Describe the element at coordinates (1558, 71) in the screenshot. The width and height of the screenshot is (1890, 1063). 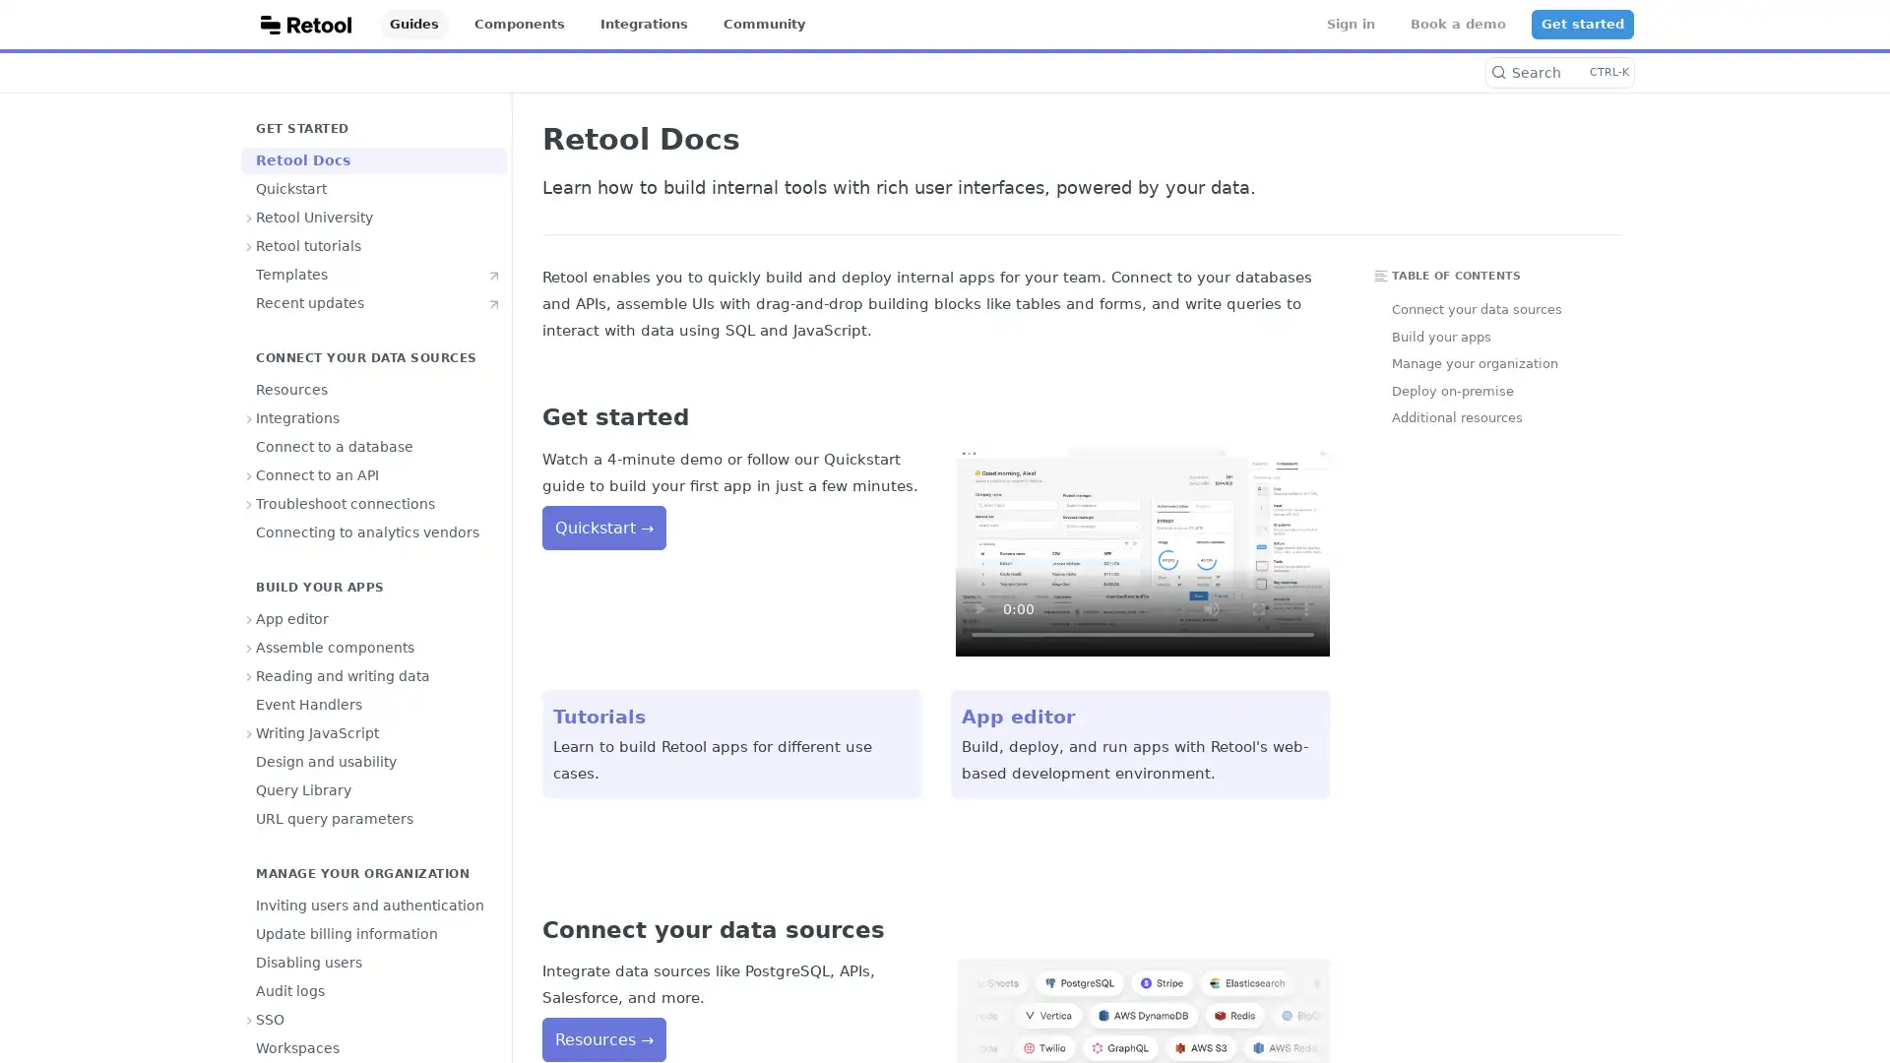
I see `Search` at that location.